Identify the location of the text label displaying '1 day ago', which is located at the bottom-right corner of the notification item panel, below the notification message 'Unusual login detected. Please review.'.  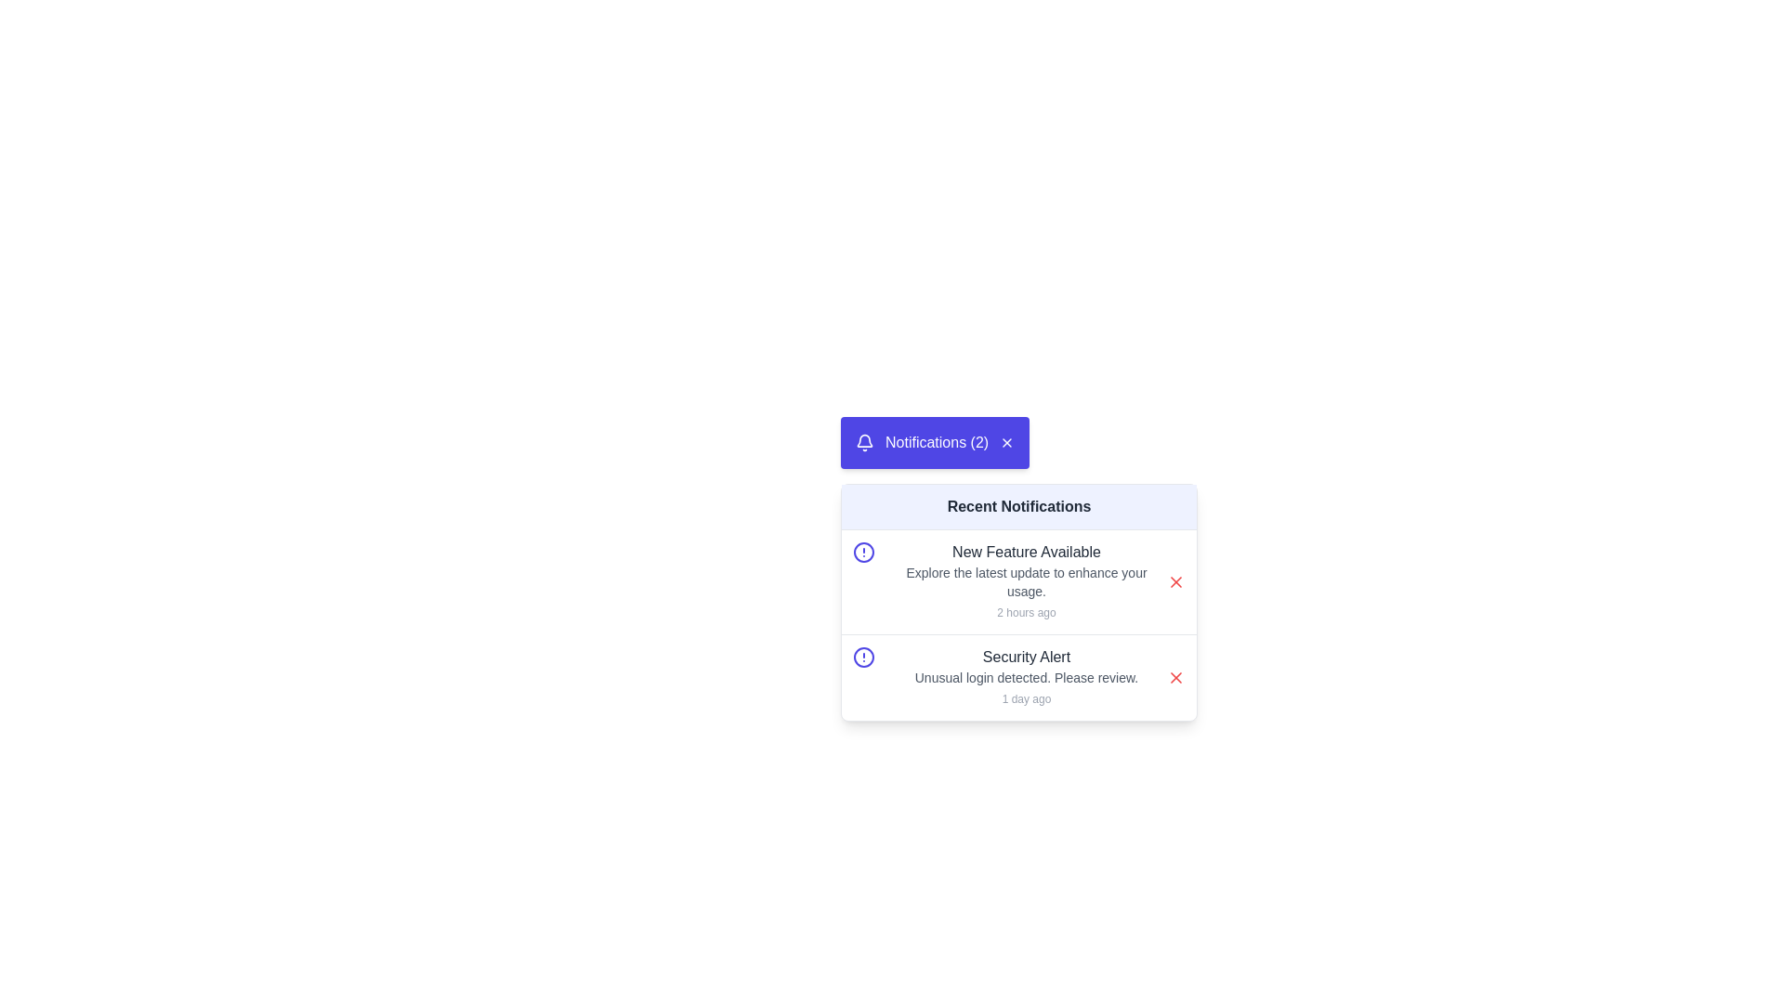
(1025, 698).